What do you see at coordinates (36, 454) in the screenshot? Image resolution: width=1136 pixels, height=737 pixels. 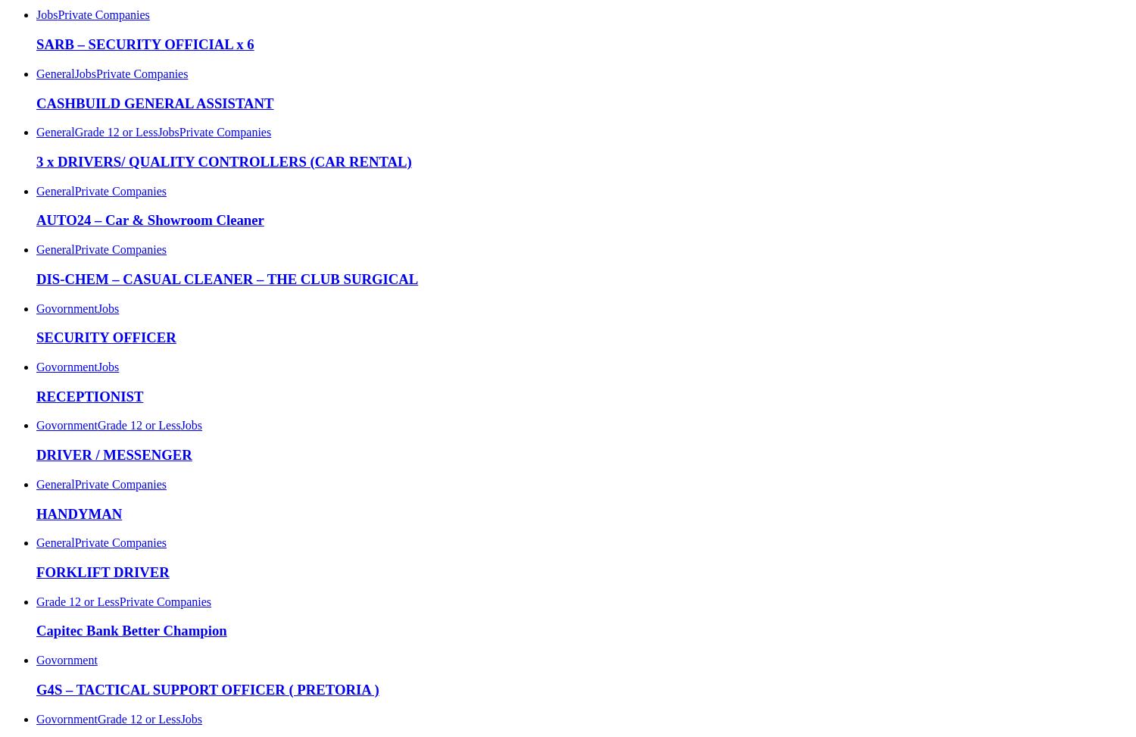 I see `'DRIVER / MESSENGER'` at bounding box center [36, 454].